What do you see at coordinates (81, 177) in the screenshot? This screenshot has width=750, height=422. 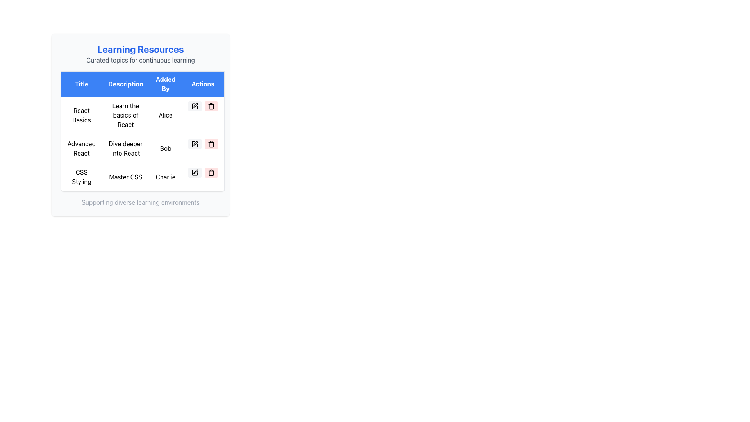 I see `the static text element displaying 'CSS Styling' located in the first column of the third row in the grid under the 'Title' header` at bounding box center [81, 177].